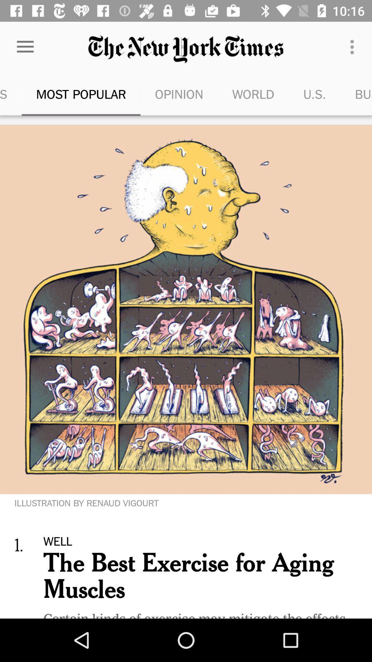 The width and height of the screenshot is (372, 662). What do you see at coordinates (11, 94) in the screenshot?
I see `the icon next to most popular` at bounding box center [11, 94].